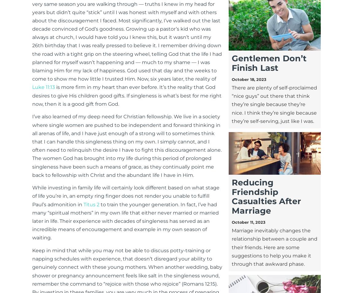 The height and width of the screenshot is (293, 353). What do you see at coordinates (274, 104) in the screenshot?
I see `'There are plenty of self-proclaimed “nice guys” out there that think they’re single because they’re nice. I think they’re single because they’re self-serving, just like I was.'` at bounding box center [274, 104].